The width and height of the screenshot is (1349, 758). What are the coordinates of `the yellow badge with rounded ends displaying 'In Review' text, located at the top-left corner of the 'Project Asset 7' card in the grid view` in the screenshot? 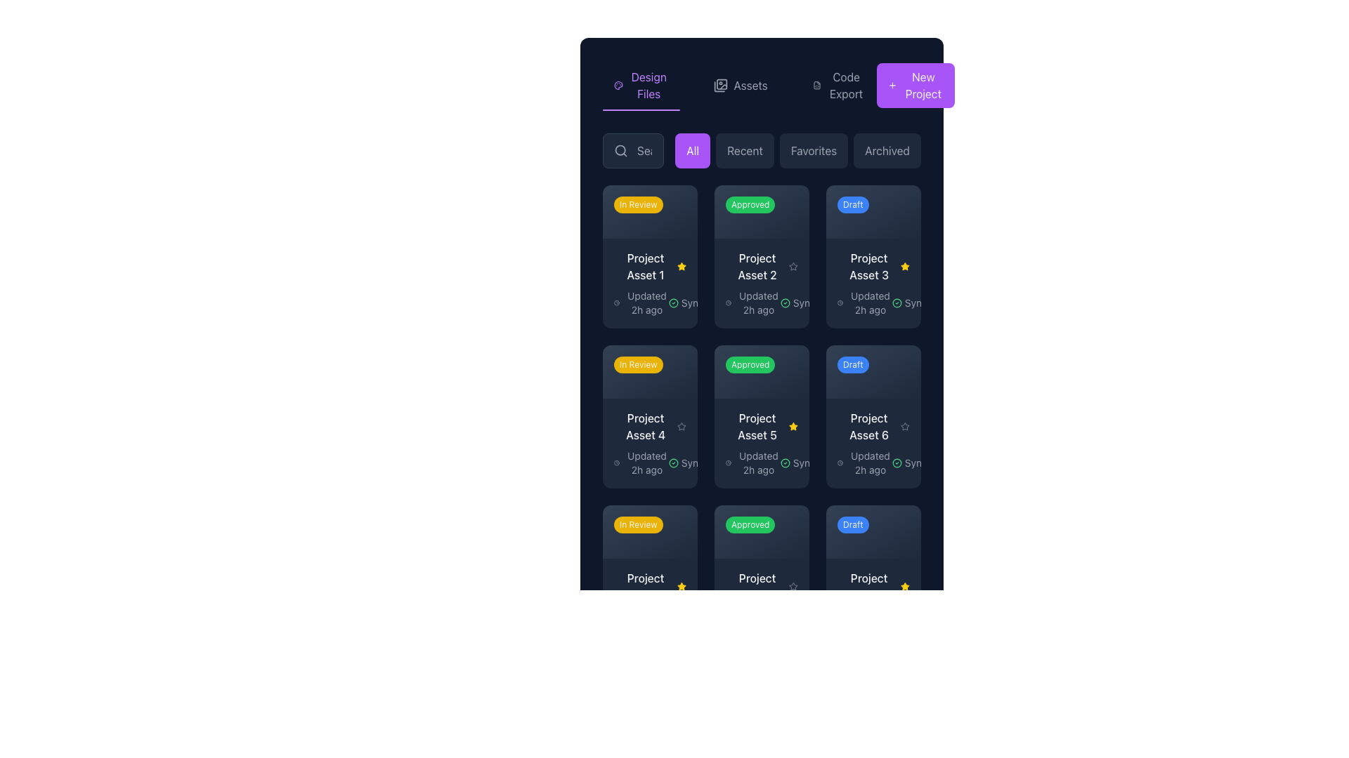 It's located at (649, 531).